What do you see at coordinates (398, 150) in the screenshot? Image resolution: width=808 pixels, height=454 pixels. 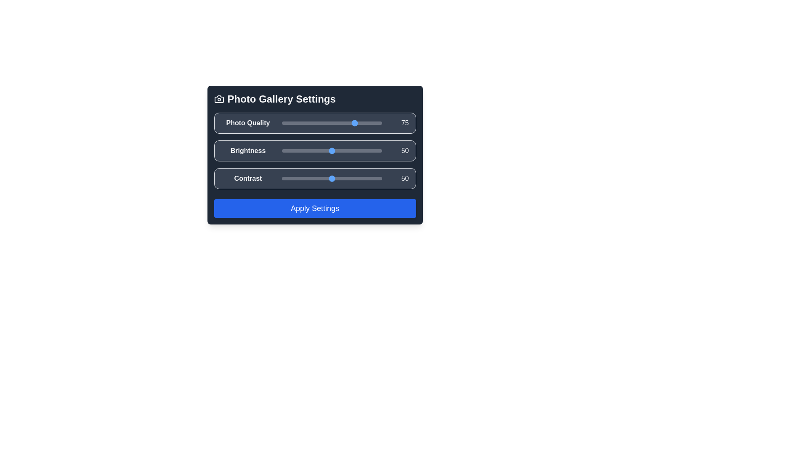 I see `the Static Text Display showing the value '50' with a gray background and white text, located at the end of the row for the 'Brightness' slider in the 'Photo Gallery Settings' section` at bounding box center [398, 150].